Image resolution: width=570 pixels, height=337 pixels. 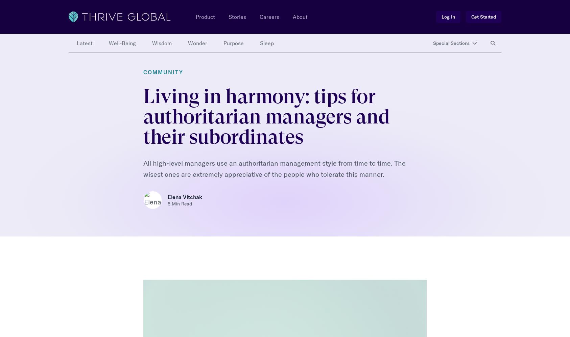 I want to click on 'The corporate “power” culture exists in so many Russian companies, and it should be accepted understandingly. Whatever your current boss is like (it’s safe to assume you work for them right now for some good reason), any guerrilla resistance in the given circumstances will only prevent cooperation and complicate the case even further.', so click(x=283, y=303).